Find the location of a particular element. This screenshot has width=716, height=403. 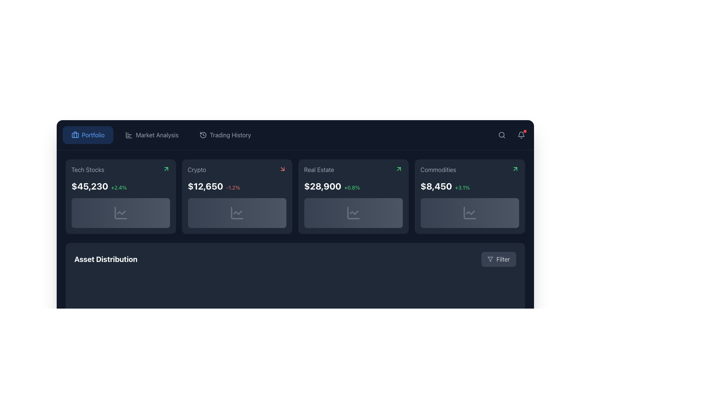

the circular search icon located in the top-right corner of the interface, which is enclosed within a larger magnifying glass icon is located at coordinates (501, 135).